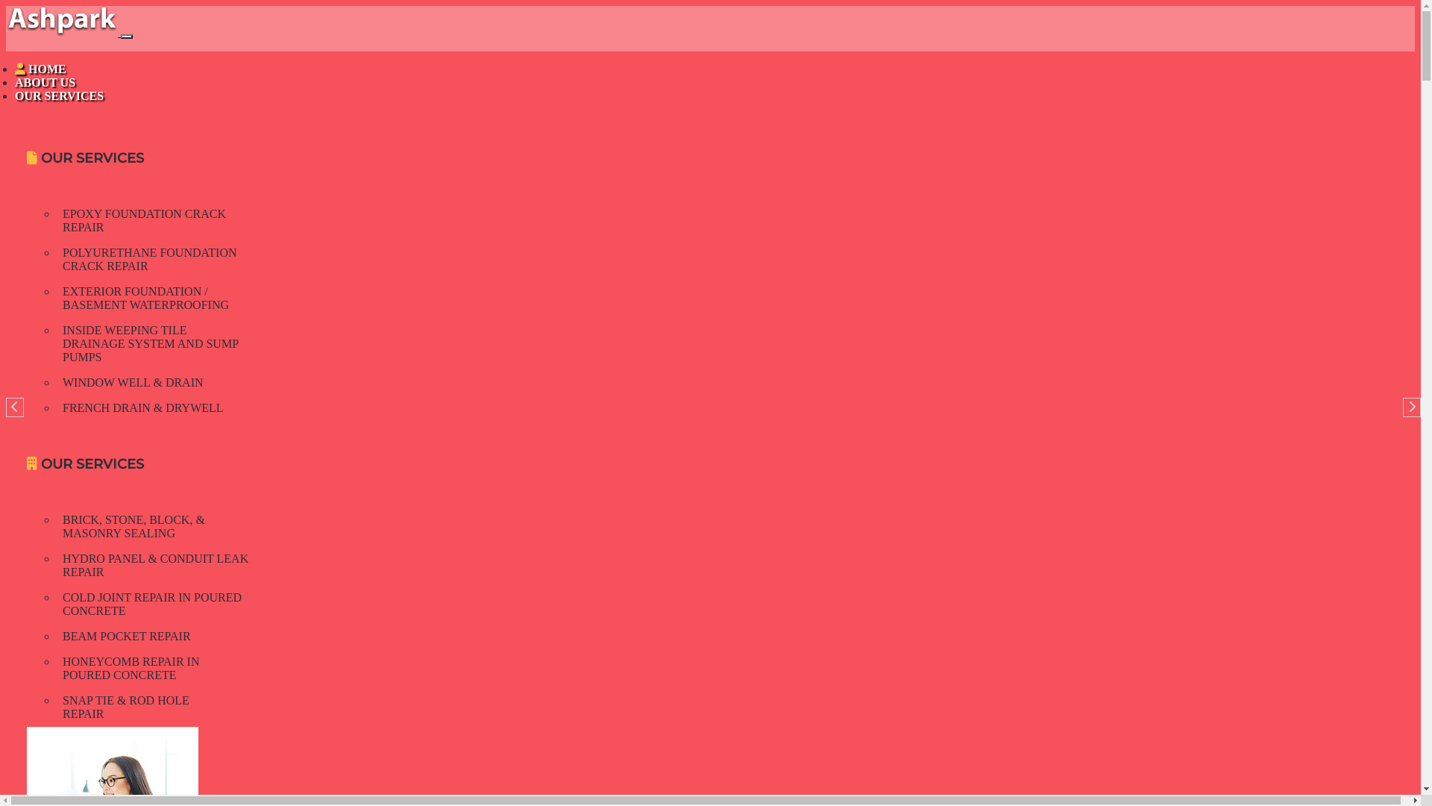 Image resolution: width=1432 pixels, height=806 pixels. Describe the element at coordinates (145, 298) in the screenshot. I see `'EXTERIOR FOUNDATION / BASEMENT WATERPROOFING'` at that location.